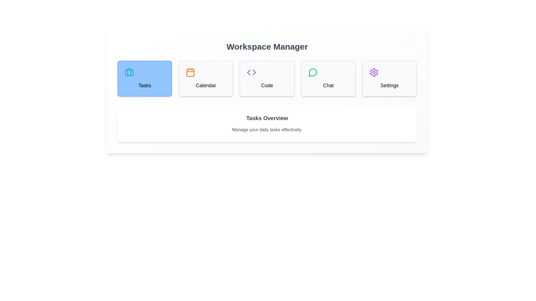  What do you see at coordinates (267, 47) in the screenshot?
I see `the Text label or heading indicating 'Workspace Manager', positioned at the top-center of the panel, above the grid of buttons` at bounding box center [267, 47].